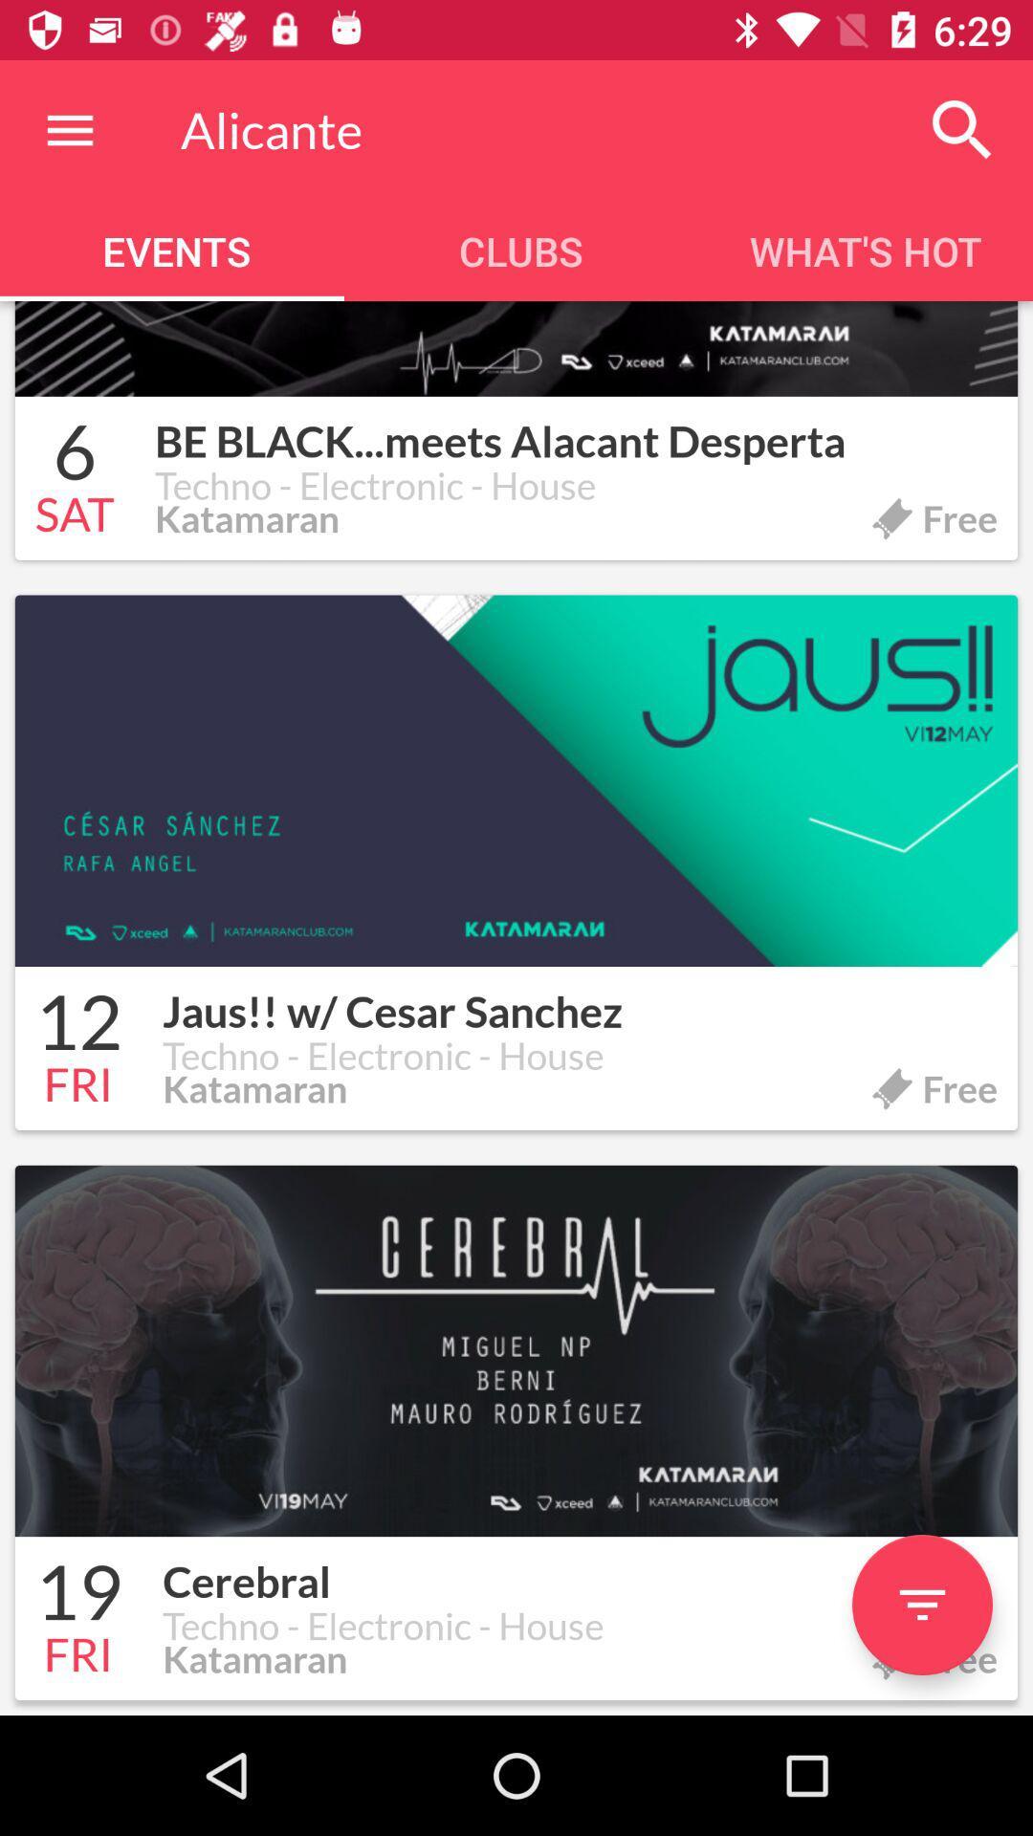  I want to click on item next to the alicante icon, so click(962, 129).